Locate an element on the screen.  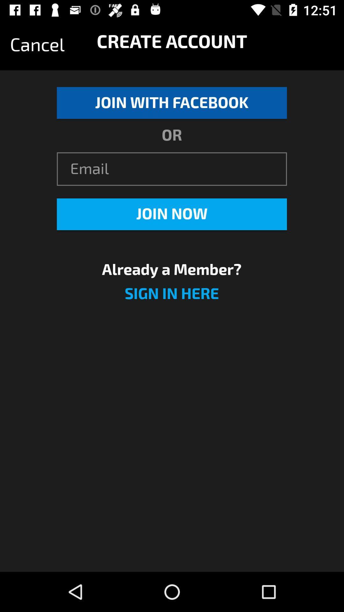
icon above or icon is located at coordinates (171, 103).